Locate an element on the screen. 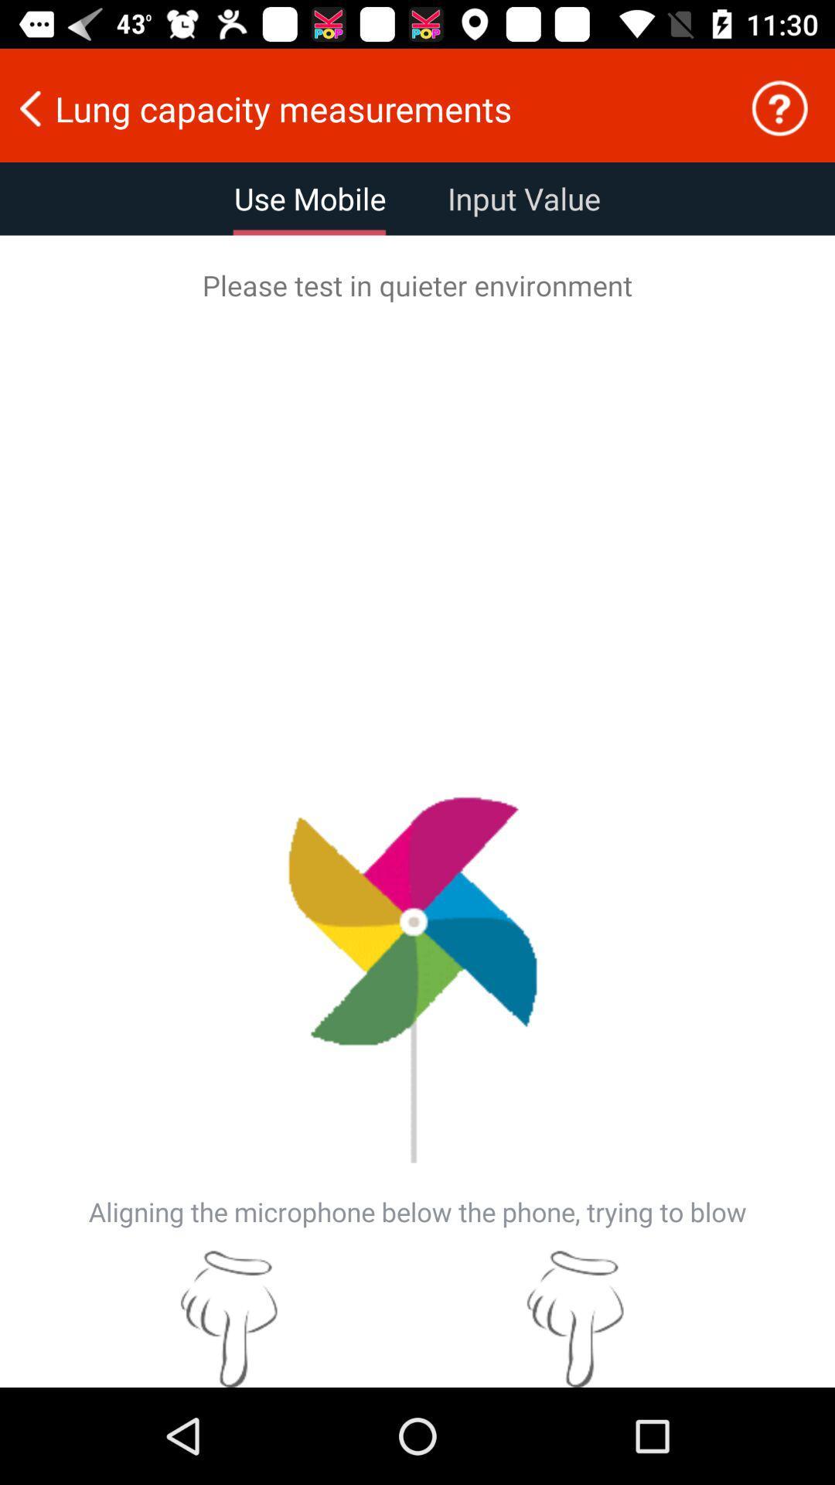  input value item is located at coordinates (523, 198).